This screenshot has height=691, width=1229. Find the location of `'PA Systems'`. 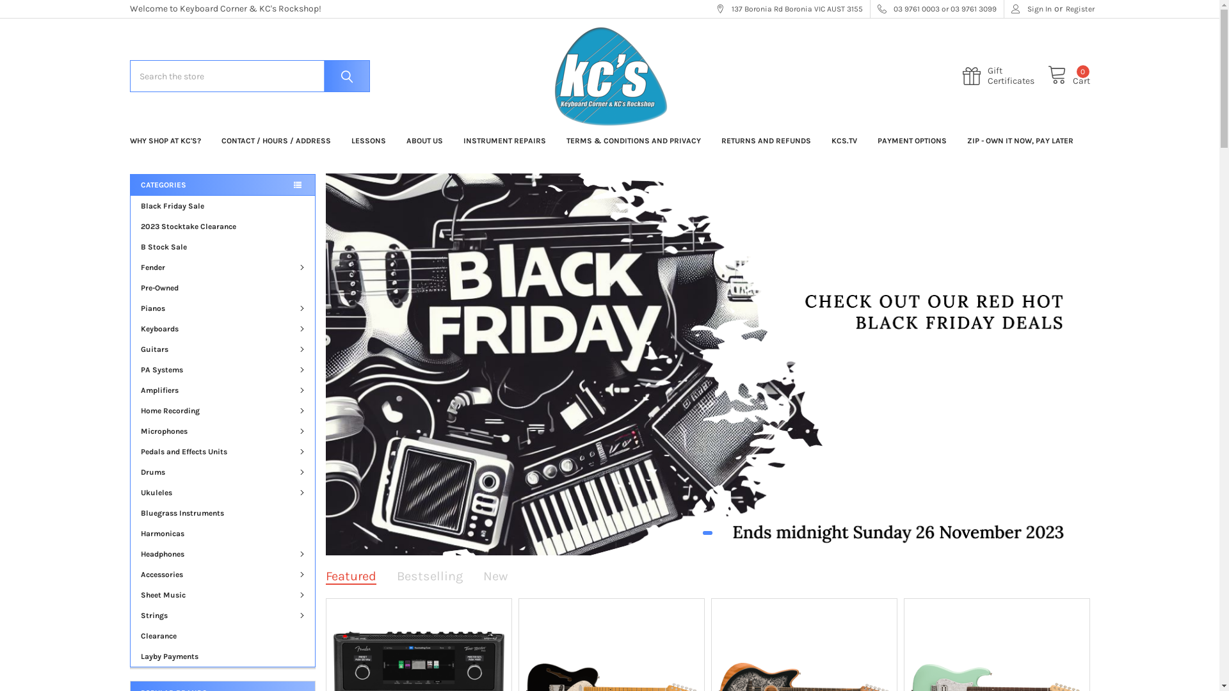

'PA Systems' is located at coordinates (222, 370).